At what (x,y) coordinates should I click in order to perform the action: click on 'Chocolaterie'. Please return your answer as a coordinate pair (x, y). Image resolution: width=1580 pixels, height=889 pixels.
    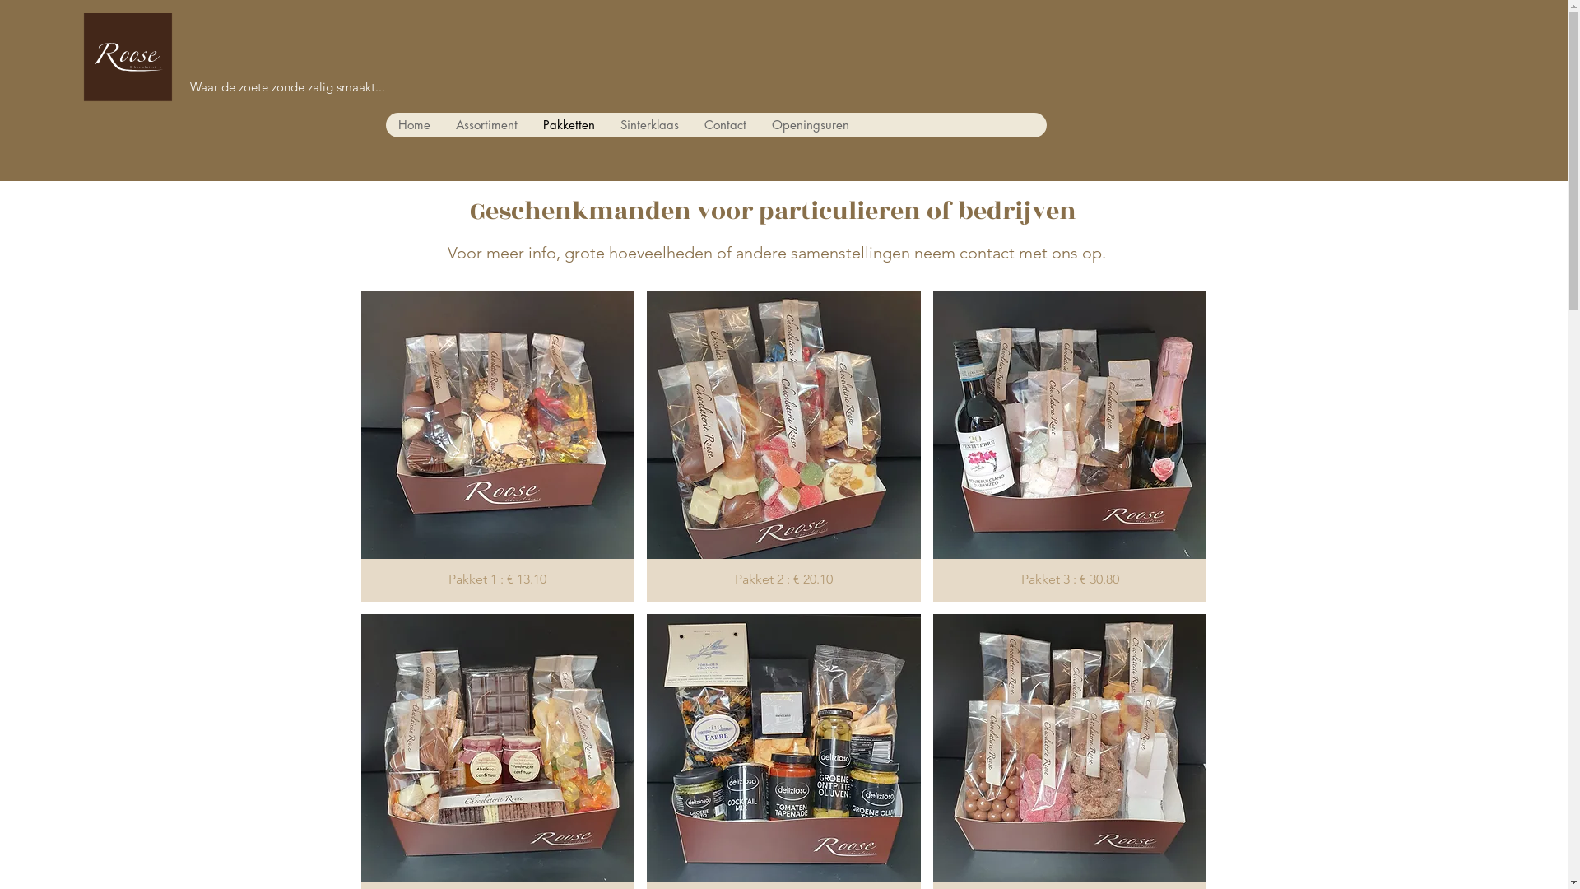
    Looking at the image, I should click on (66, 75).